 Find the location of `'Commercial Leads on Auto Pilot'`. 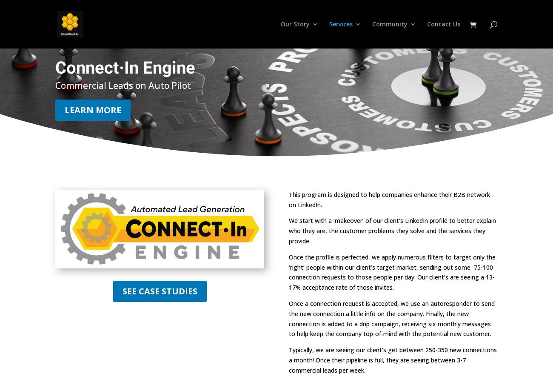

'Commercial Leads on Auto Pilot' is located at coordinates (123, 85).